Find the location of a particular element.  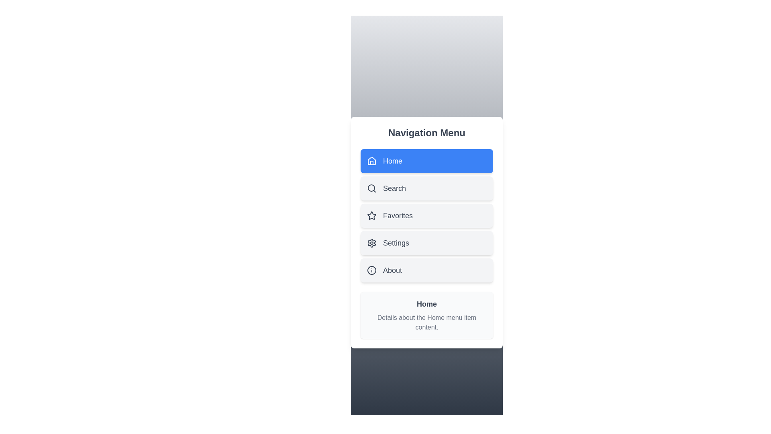

the menu item Settings is located at coordinates (426, 243).